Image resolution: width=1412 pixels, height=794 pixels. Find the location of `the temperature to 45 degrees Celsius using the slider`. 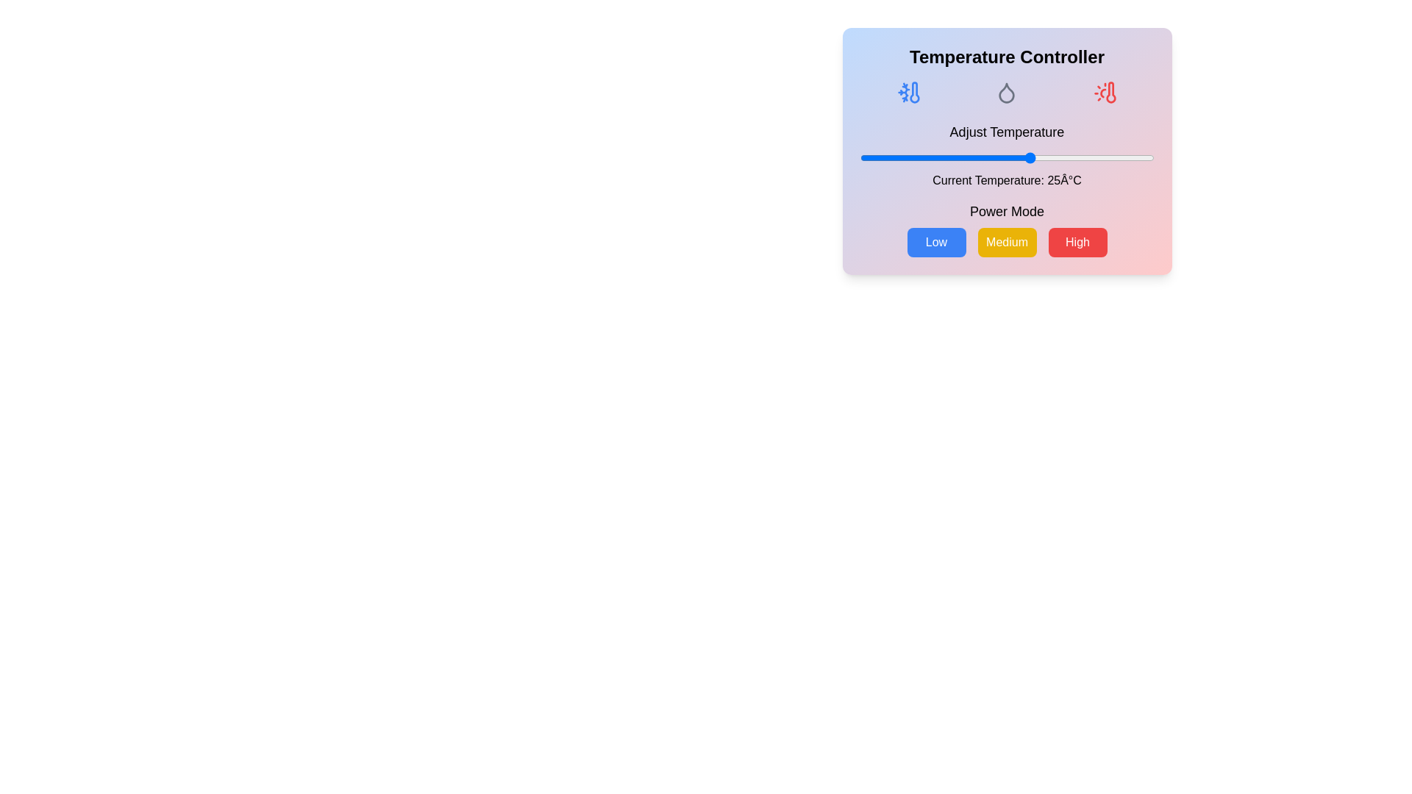

the temperature to 45 degrees Celsius using the slider is located at coordinates (1129, 158).